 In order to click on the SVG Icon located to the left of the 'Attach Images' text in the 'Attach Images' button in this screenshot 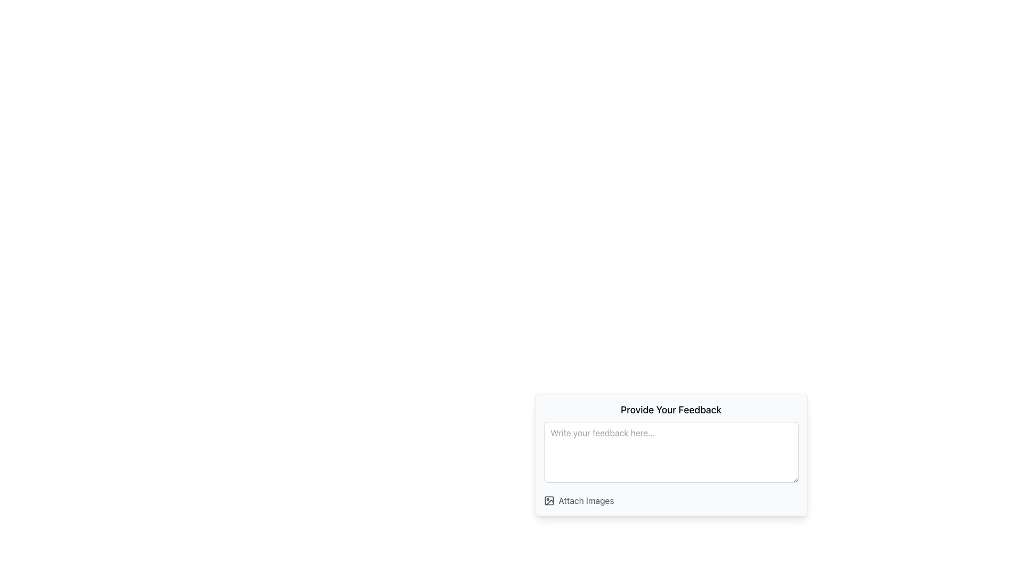, I will do `click(549, 500)`.